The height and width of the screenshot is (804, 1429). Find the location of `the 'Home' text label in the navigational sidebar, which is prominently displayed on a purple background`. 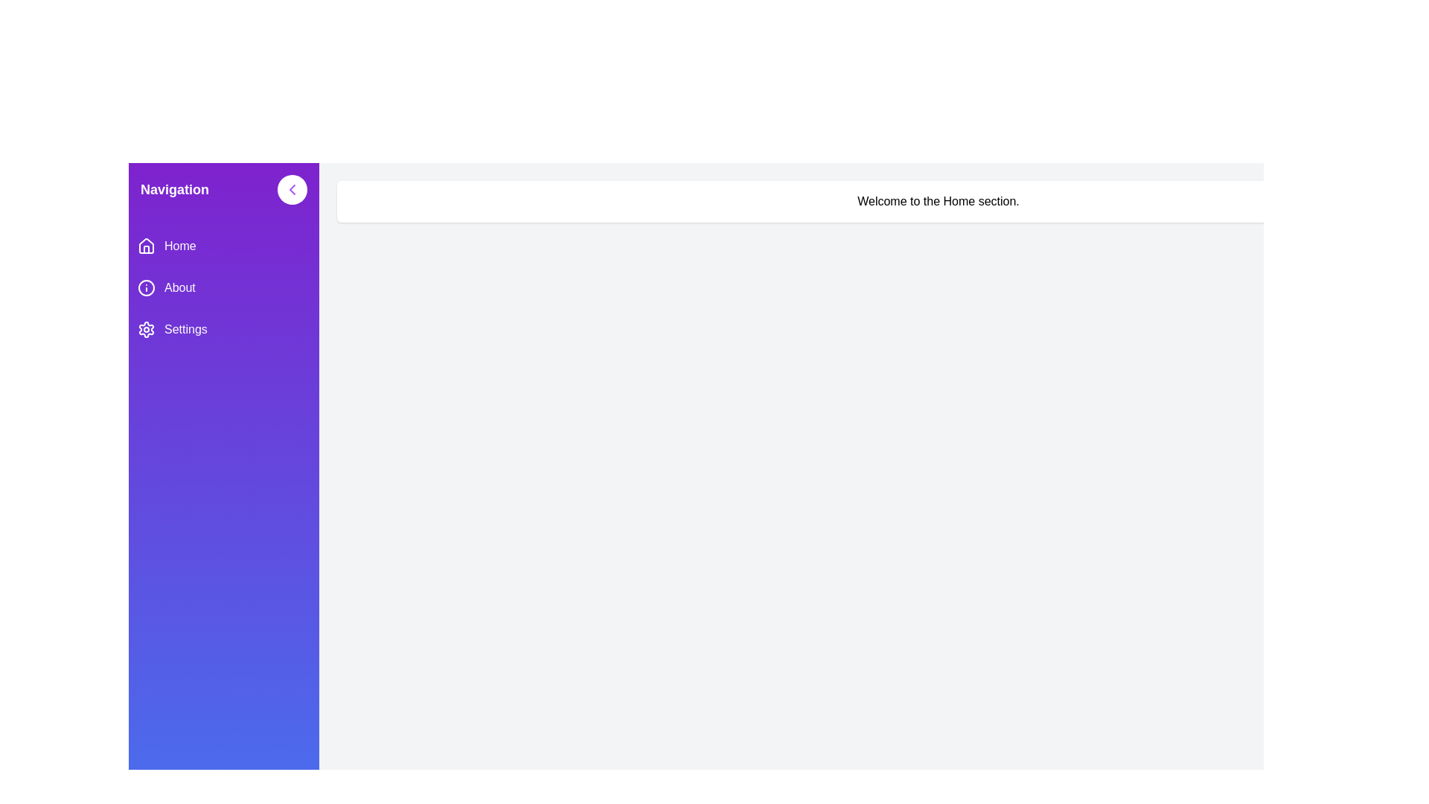

the 'Home' text label in the navigational sidebar, which is prominently displayed on a purple background is located at coordinates (179, 246).